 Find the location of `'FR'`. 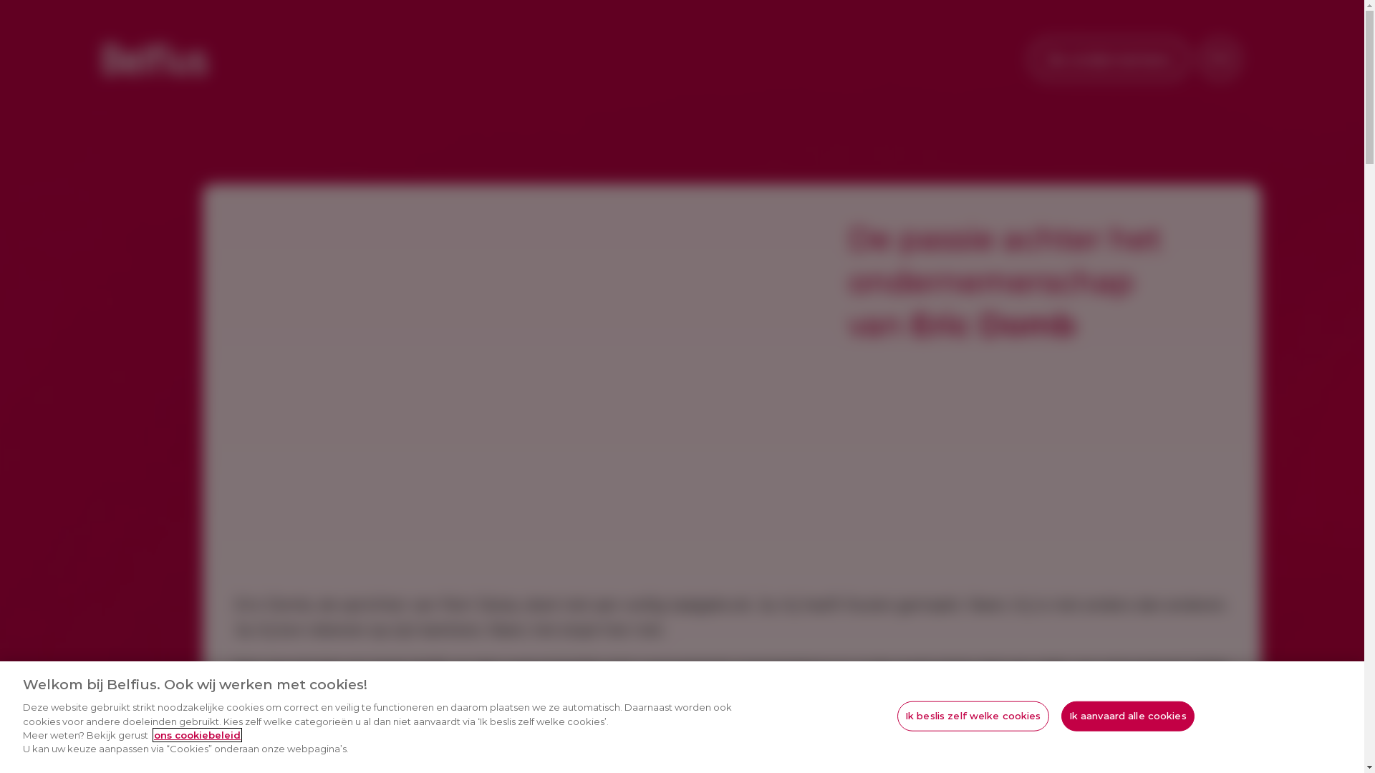

'FR' is located at coordinates (1200, 58).